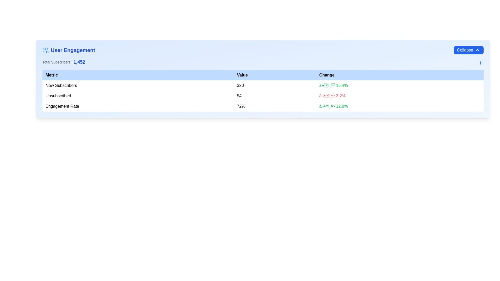 Image resolution: width=500 pixels, height=281 pixels. I want to click on displayed data in the second row of the table, which shows 'Unsubscribed', the number 54, and the percentage change '🔻 3.2%' styled in red, so click(263, 96).